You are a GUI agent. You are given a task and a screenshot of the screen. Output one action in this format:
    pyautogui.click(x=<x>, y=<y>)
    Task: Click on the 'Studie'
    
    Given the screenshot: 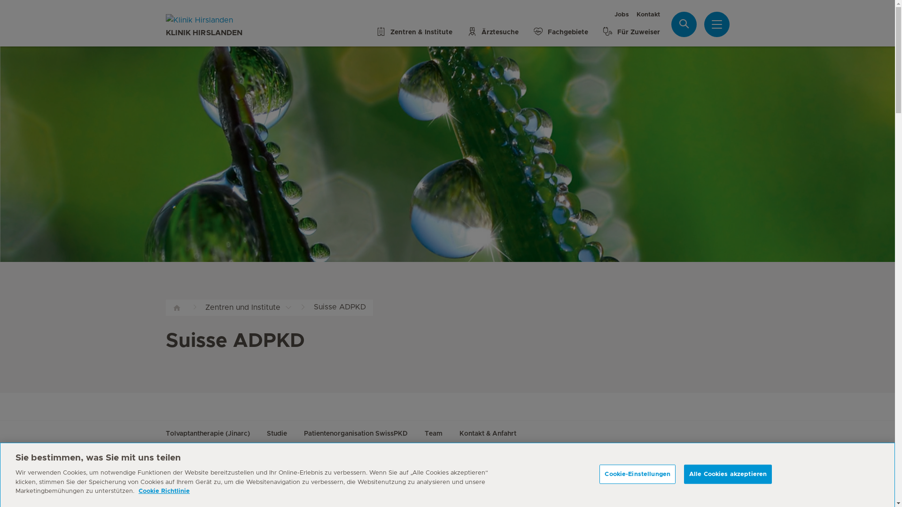 What is the action you would take?
    pyautogui.click(x=276, y=434)
    